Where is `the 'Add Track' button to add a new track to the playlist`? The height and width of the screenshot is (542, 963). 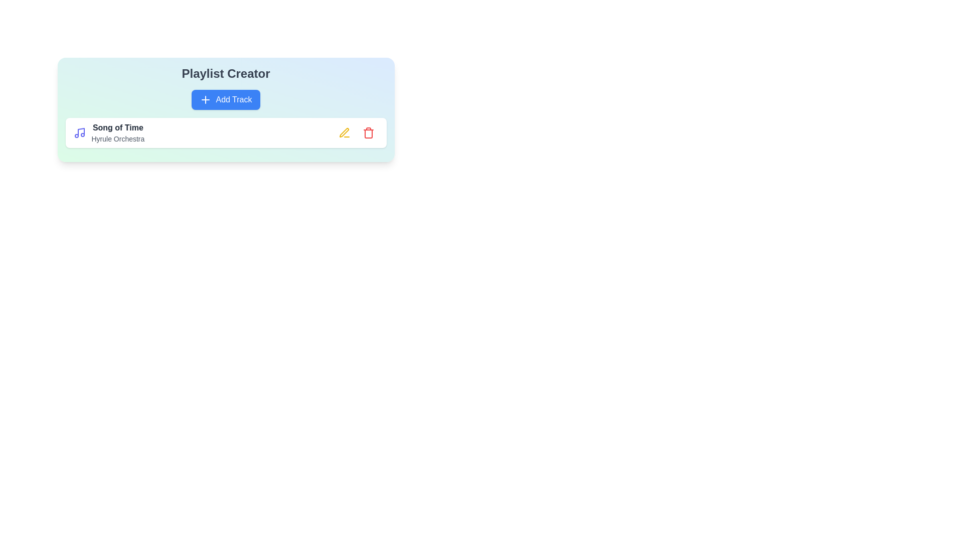
the 'Add Track' button to add a new track to the playlist is located at coordinates (225, 100).